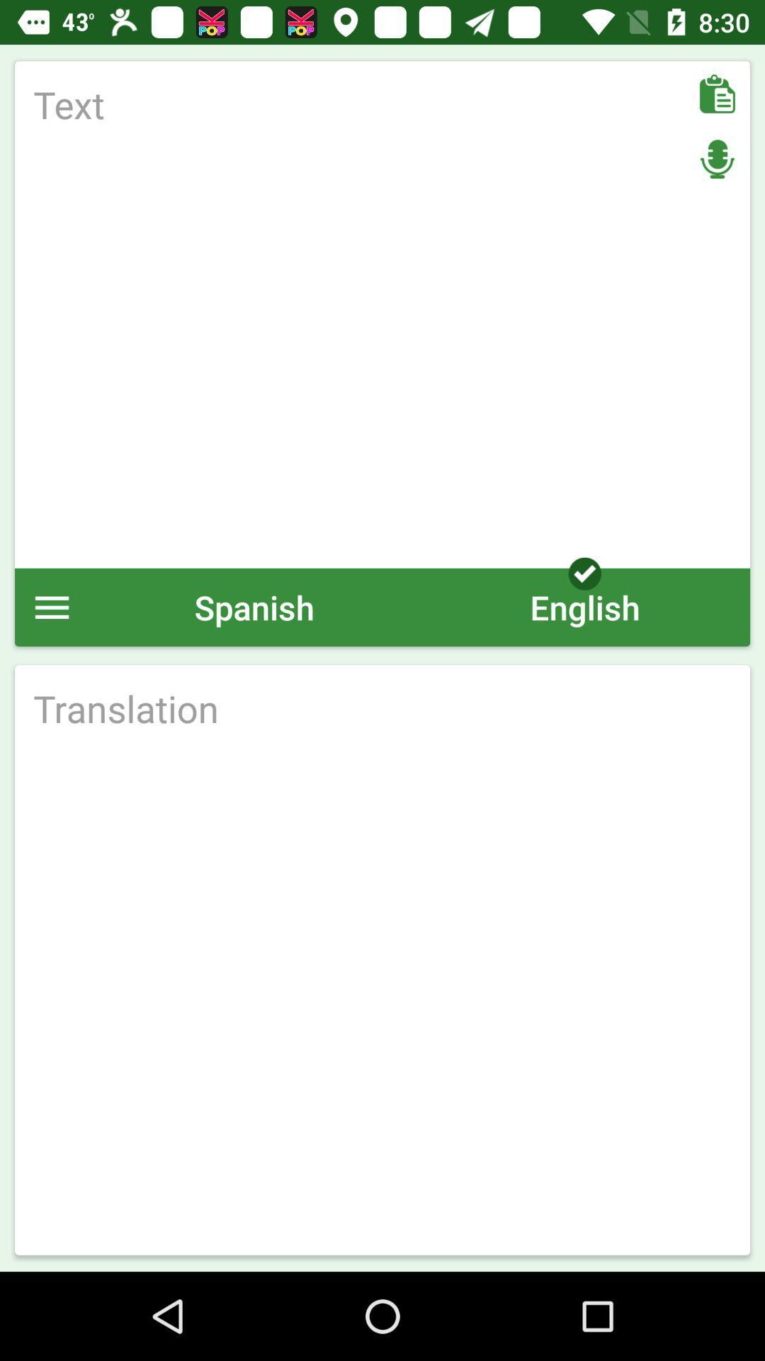  I want to click on spanish icon, so click(254, 607).